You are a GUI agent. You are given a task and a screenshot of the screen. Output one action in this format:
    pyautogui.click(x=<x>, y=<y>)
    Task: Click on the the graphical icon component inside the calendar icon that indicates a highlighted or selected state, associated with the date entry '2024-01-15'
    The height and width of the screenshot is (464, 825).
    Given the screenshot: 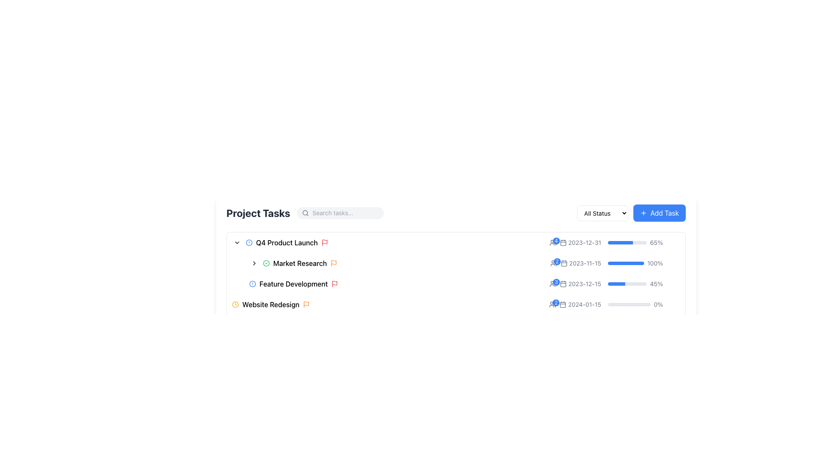 What is the action you would take?
    pyautogui.click(x=563, y=304)
    